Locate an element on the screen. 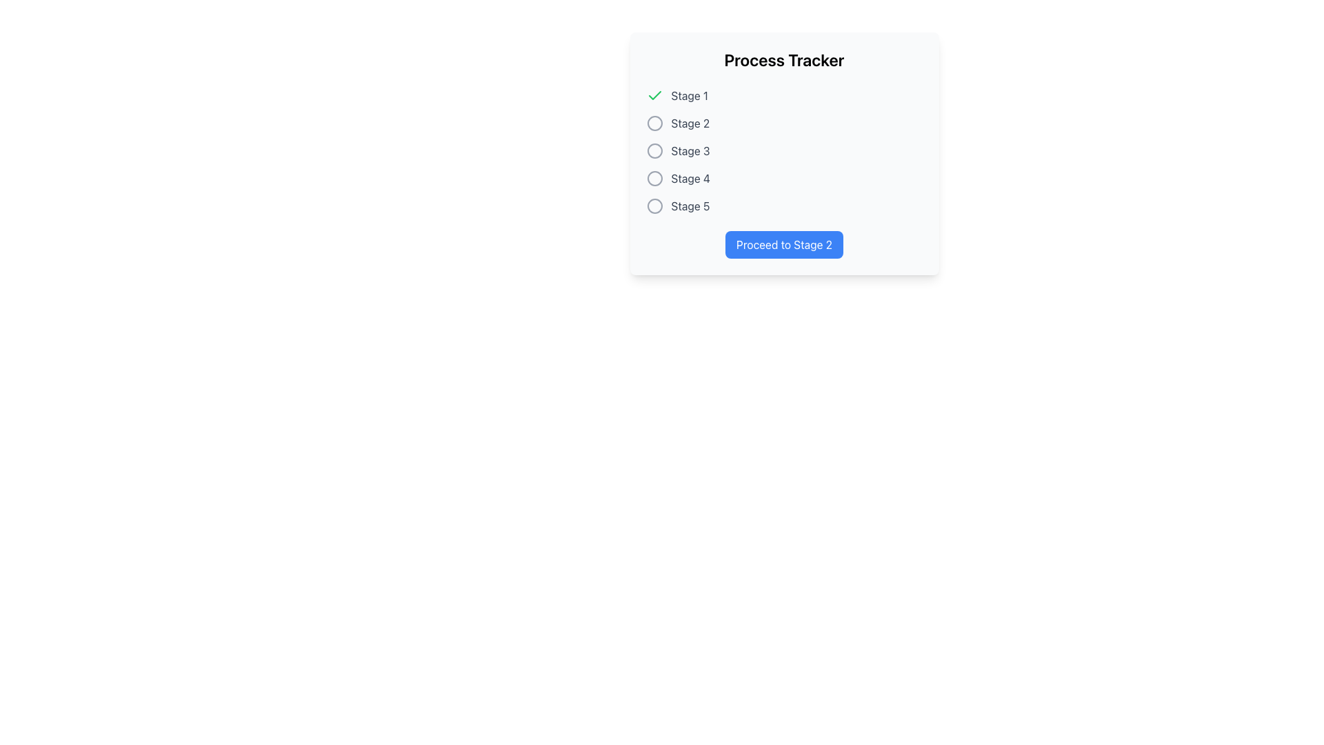  the label displaying 'Stage 1', which indicates the current process stage and is the first item in the sequence of process stages is located at coordinates (690, 95).